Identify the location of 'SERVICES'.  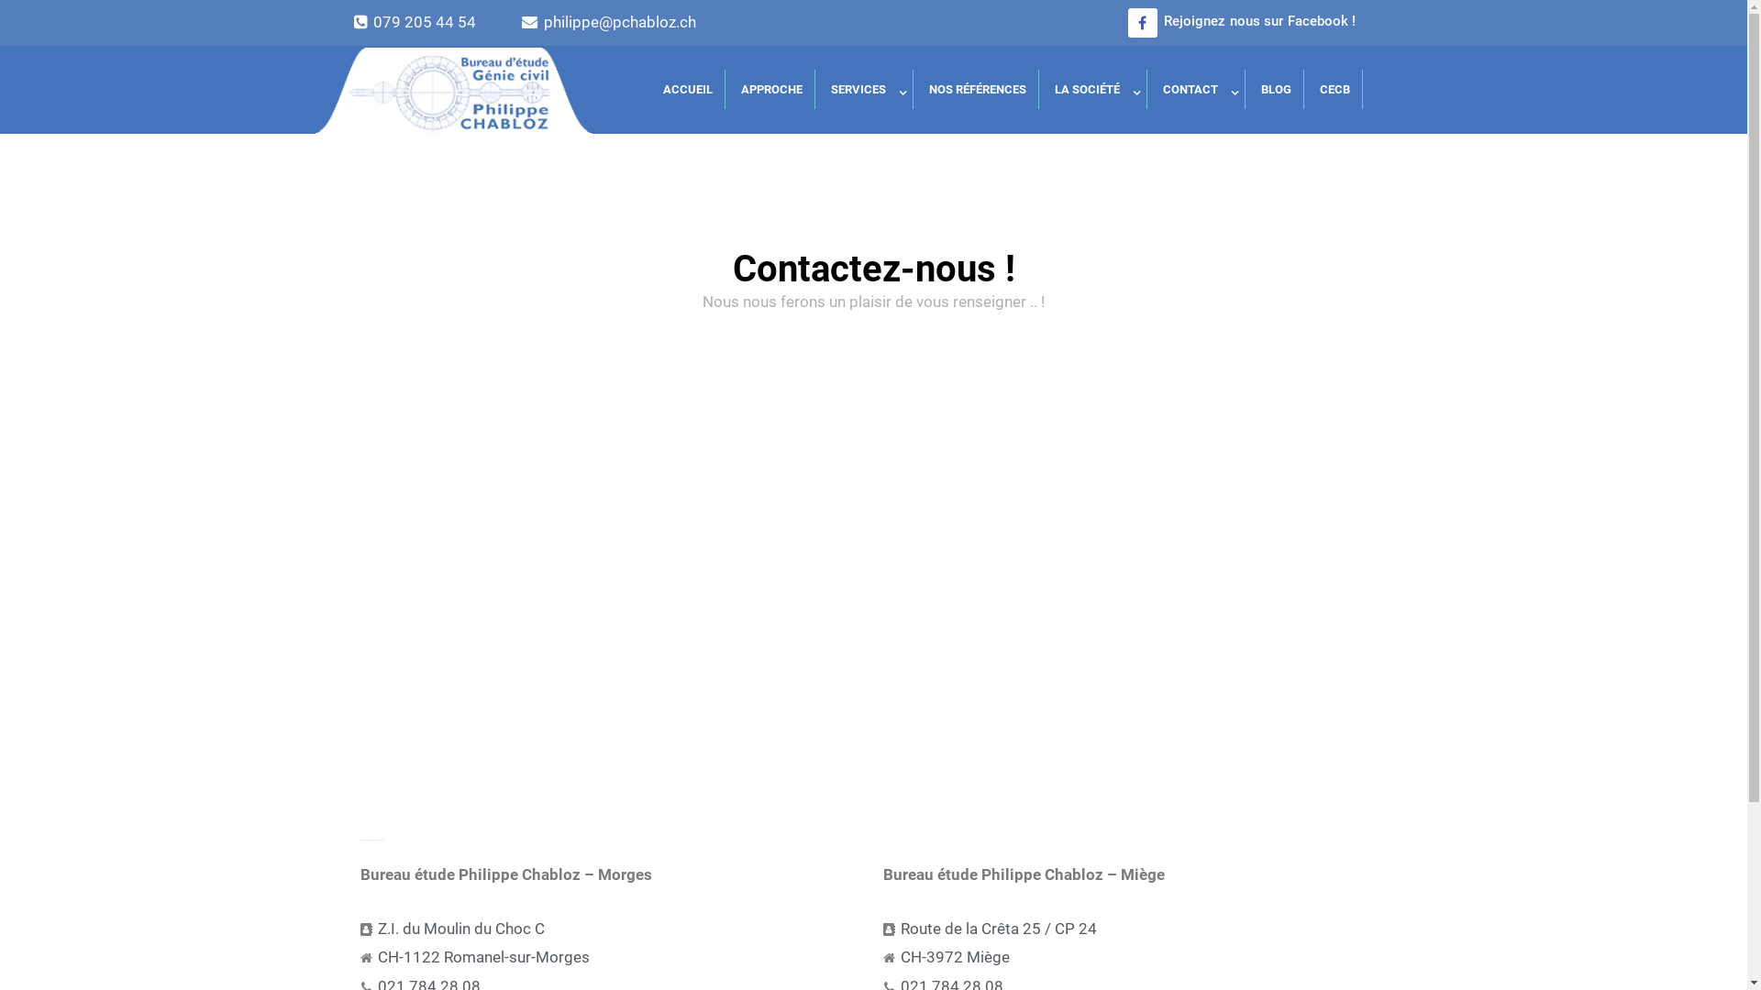
(865, 89).